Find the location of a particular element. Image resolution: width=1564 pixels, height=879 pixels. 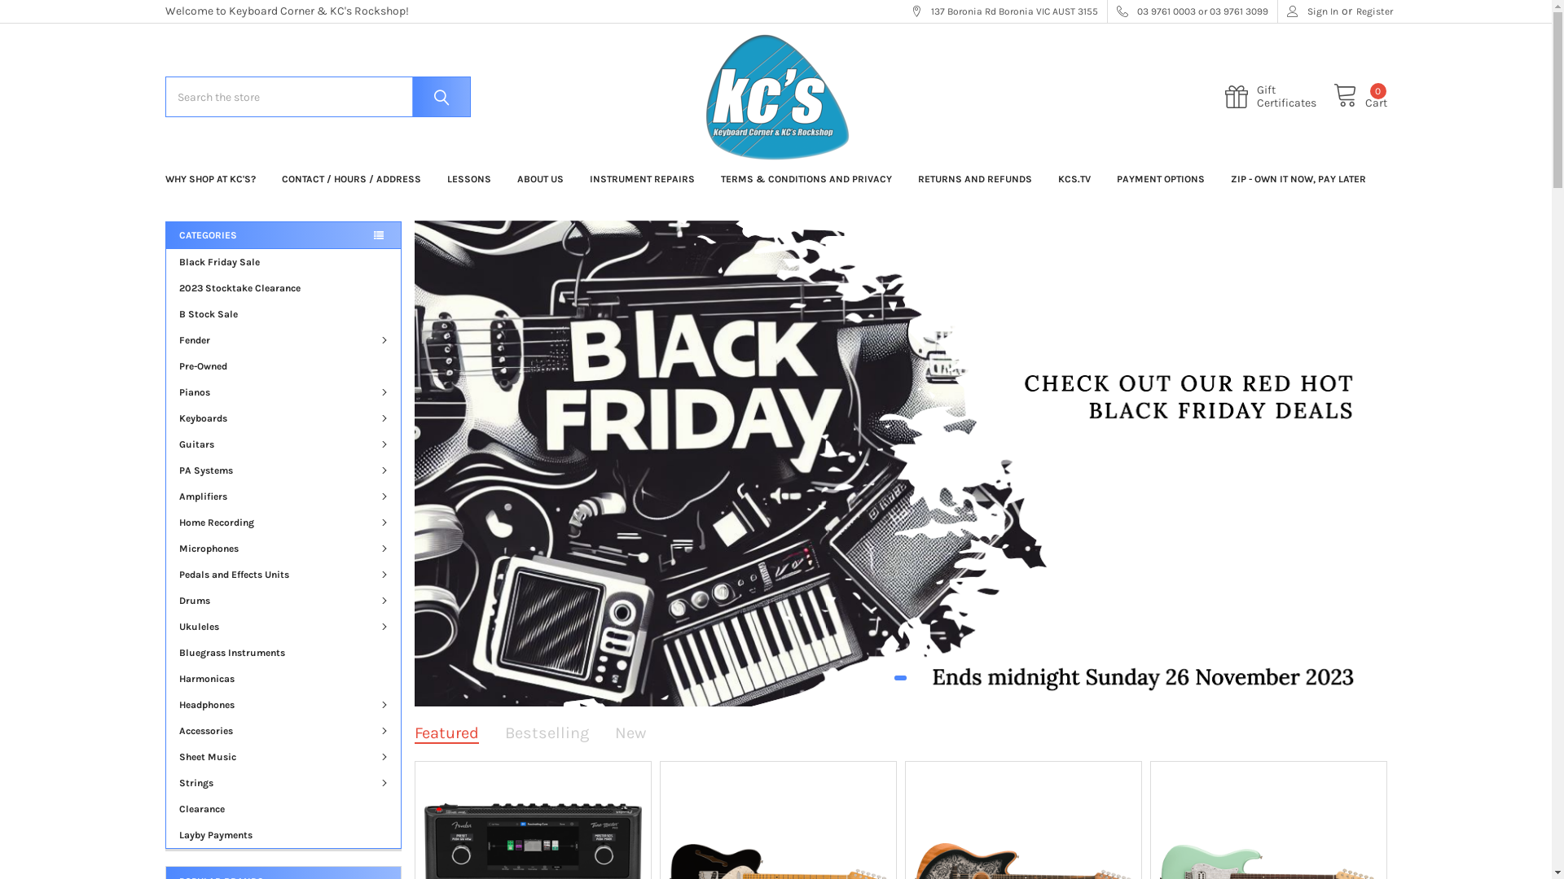

'RETURNS AND REFUNDS' is located at coordinates (973, 178).